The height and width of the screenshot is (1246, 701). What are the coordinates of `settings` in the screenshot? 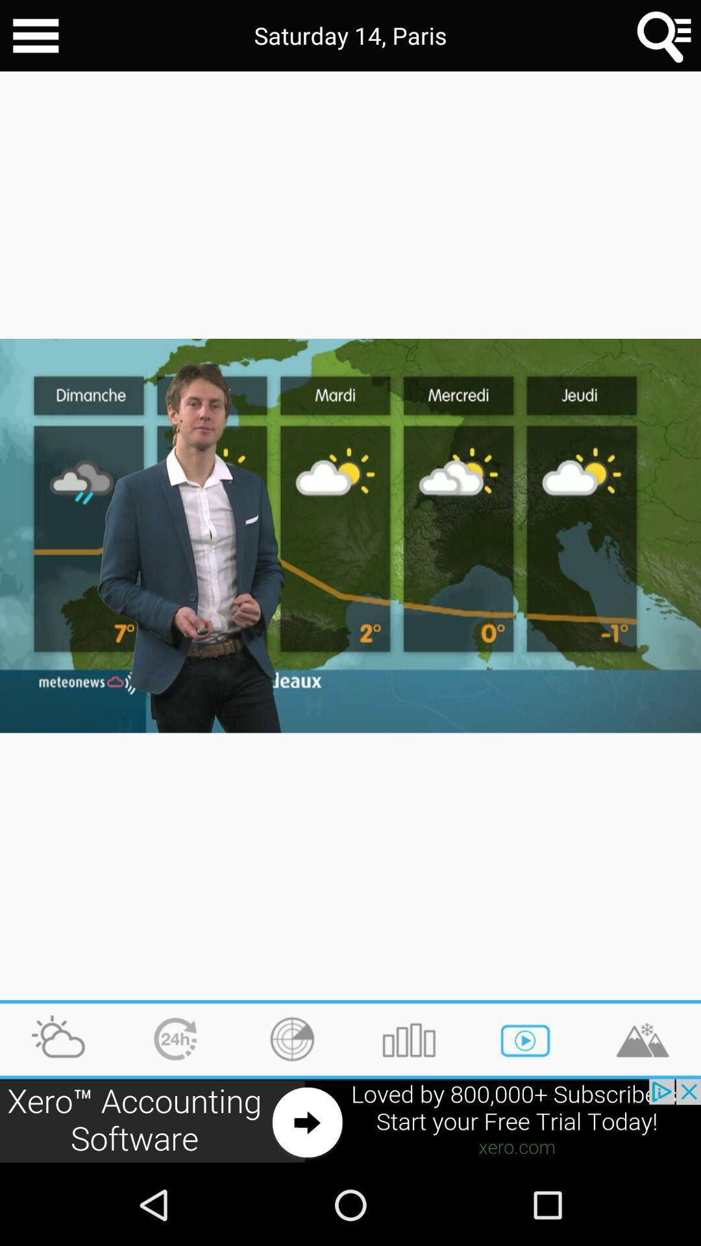 It's located at (35, 36).